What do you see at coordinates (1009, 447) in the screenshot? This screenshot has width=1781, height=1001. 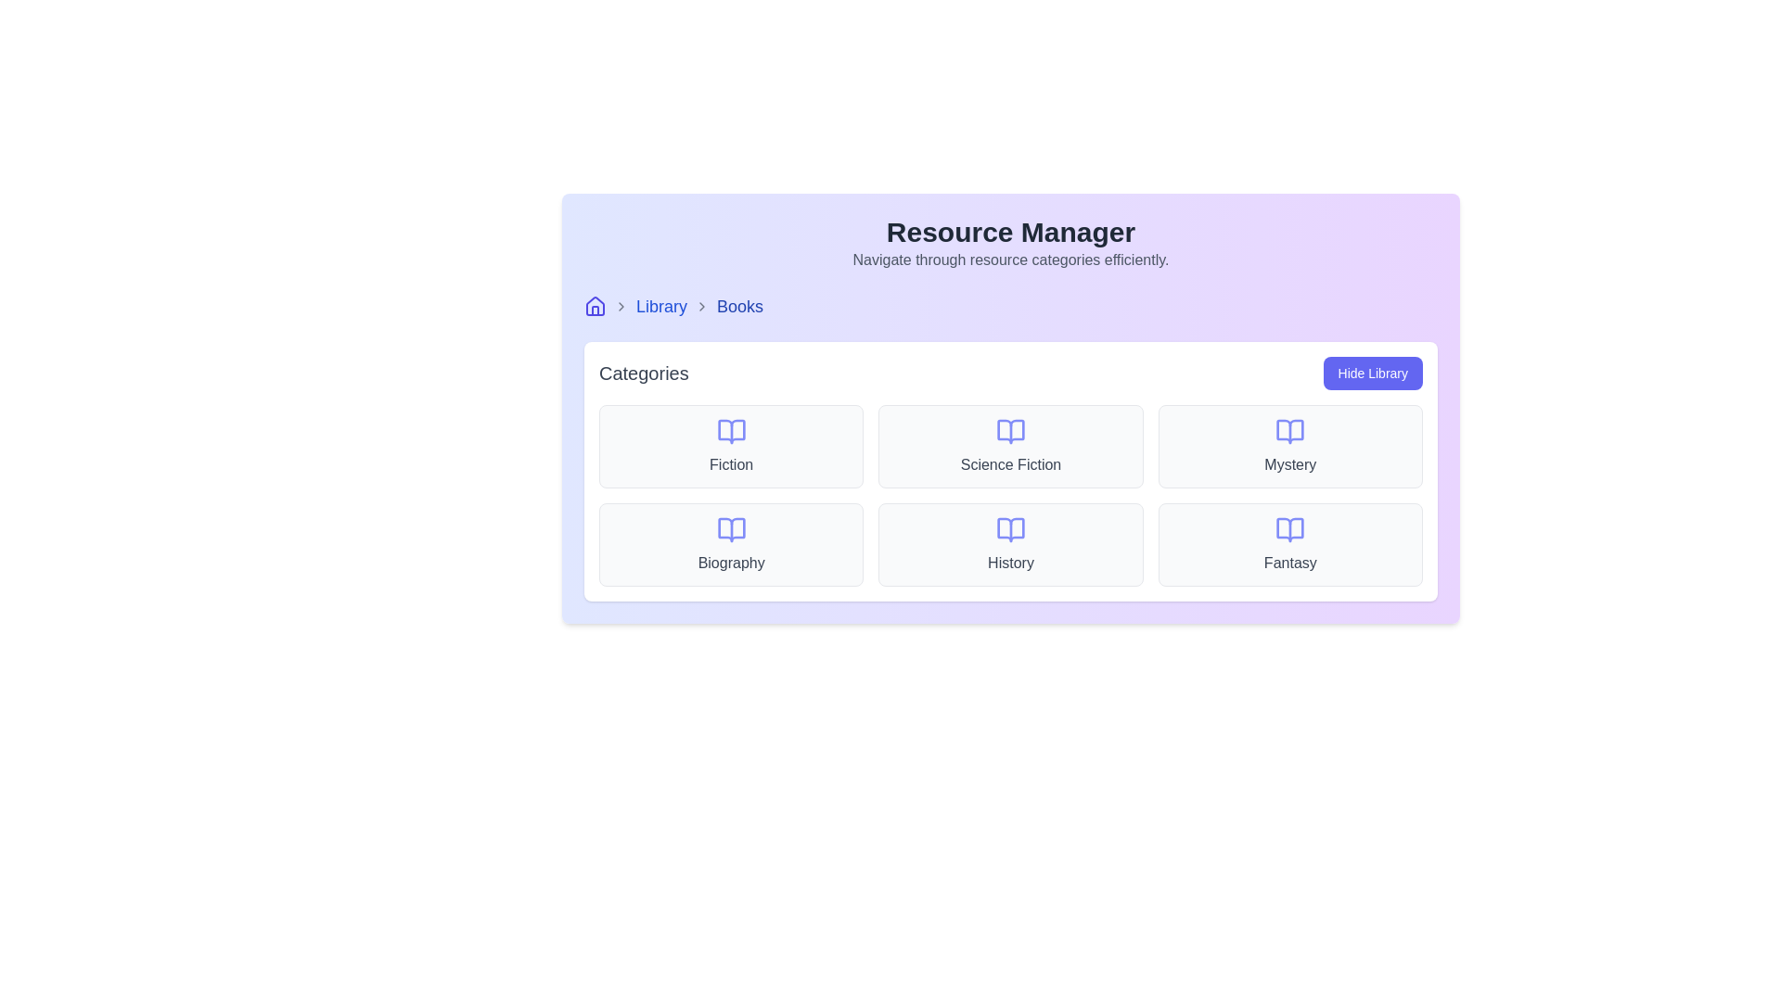 I see `the 'Science Fiction' category card located in the middle position of the top row in a grid layout` at bounding box center [1009, 447].